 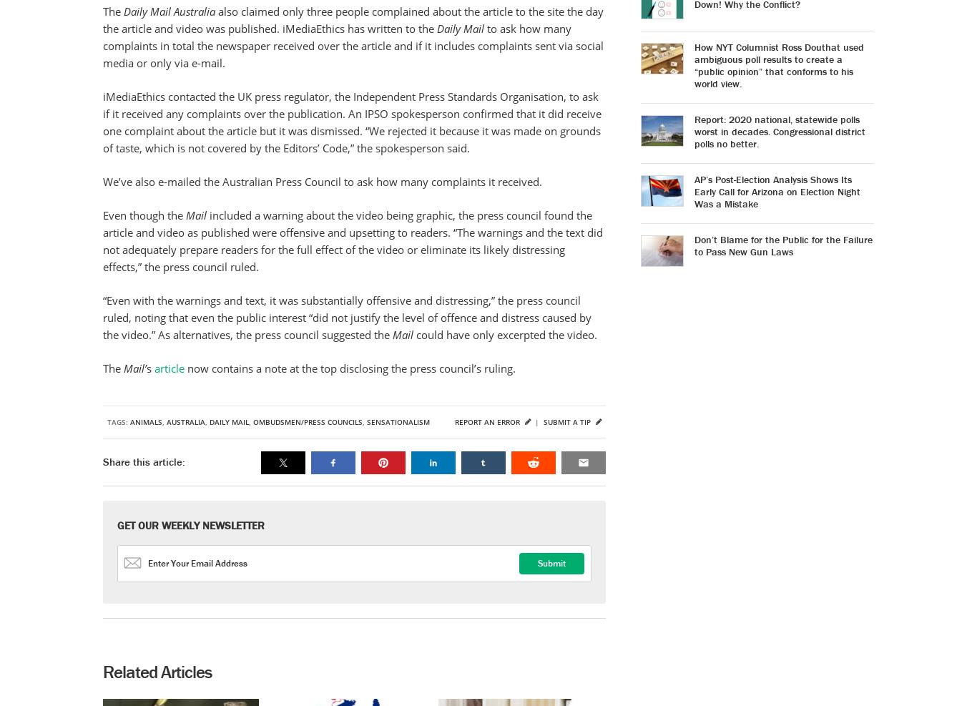 I want to click on 'Share this article:', so click(x=143, y=461).